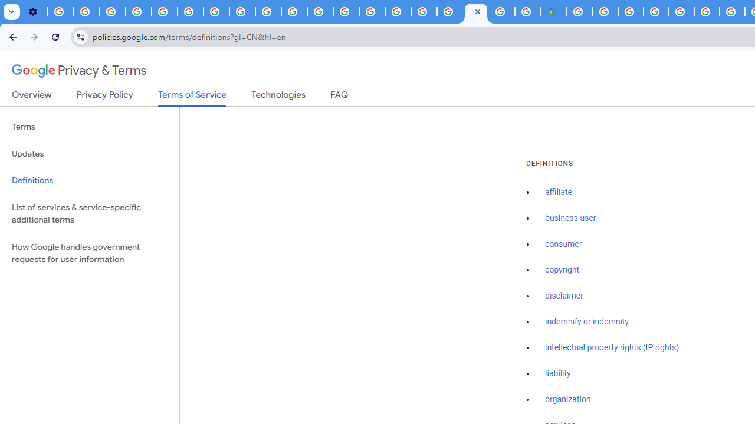  I want to click on 'organization', so click(568, 399).